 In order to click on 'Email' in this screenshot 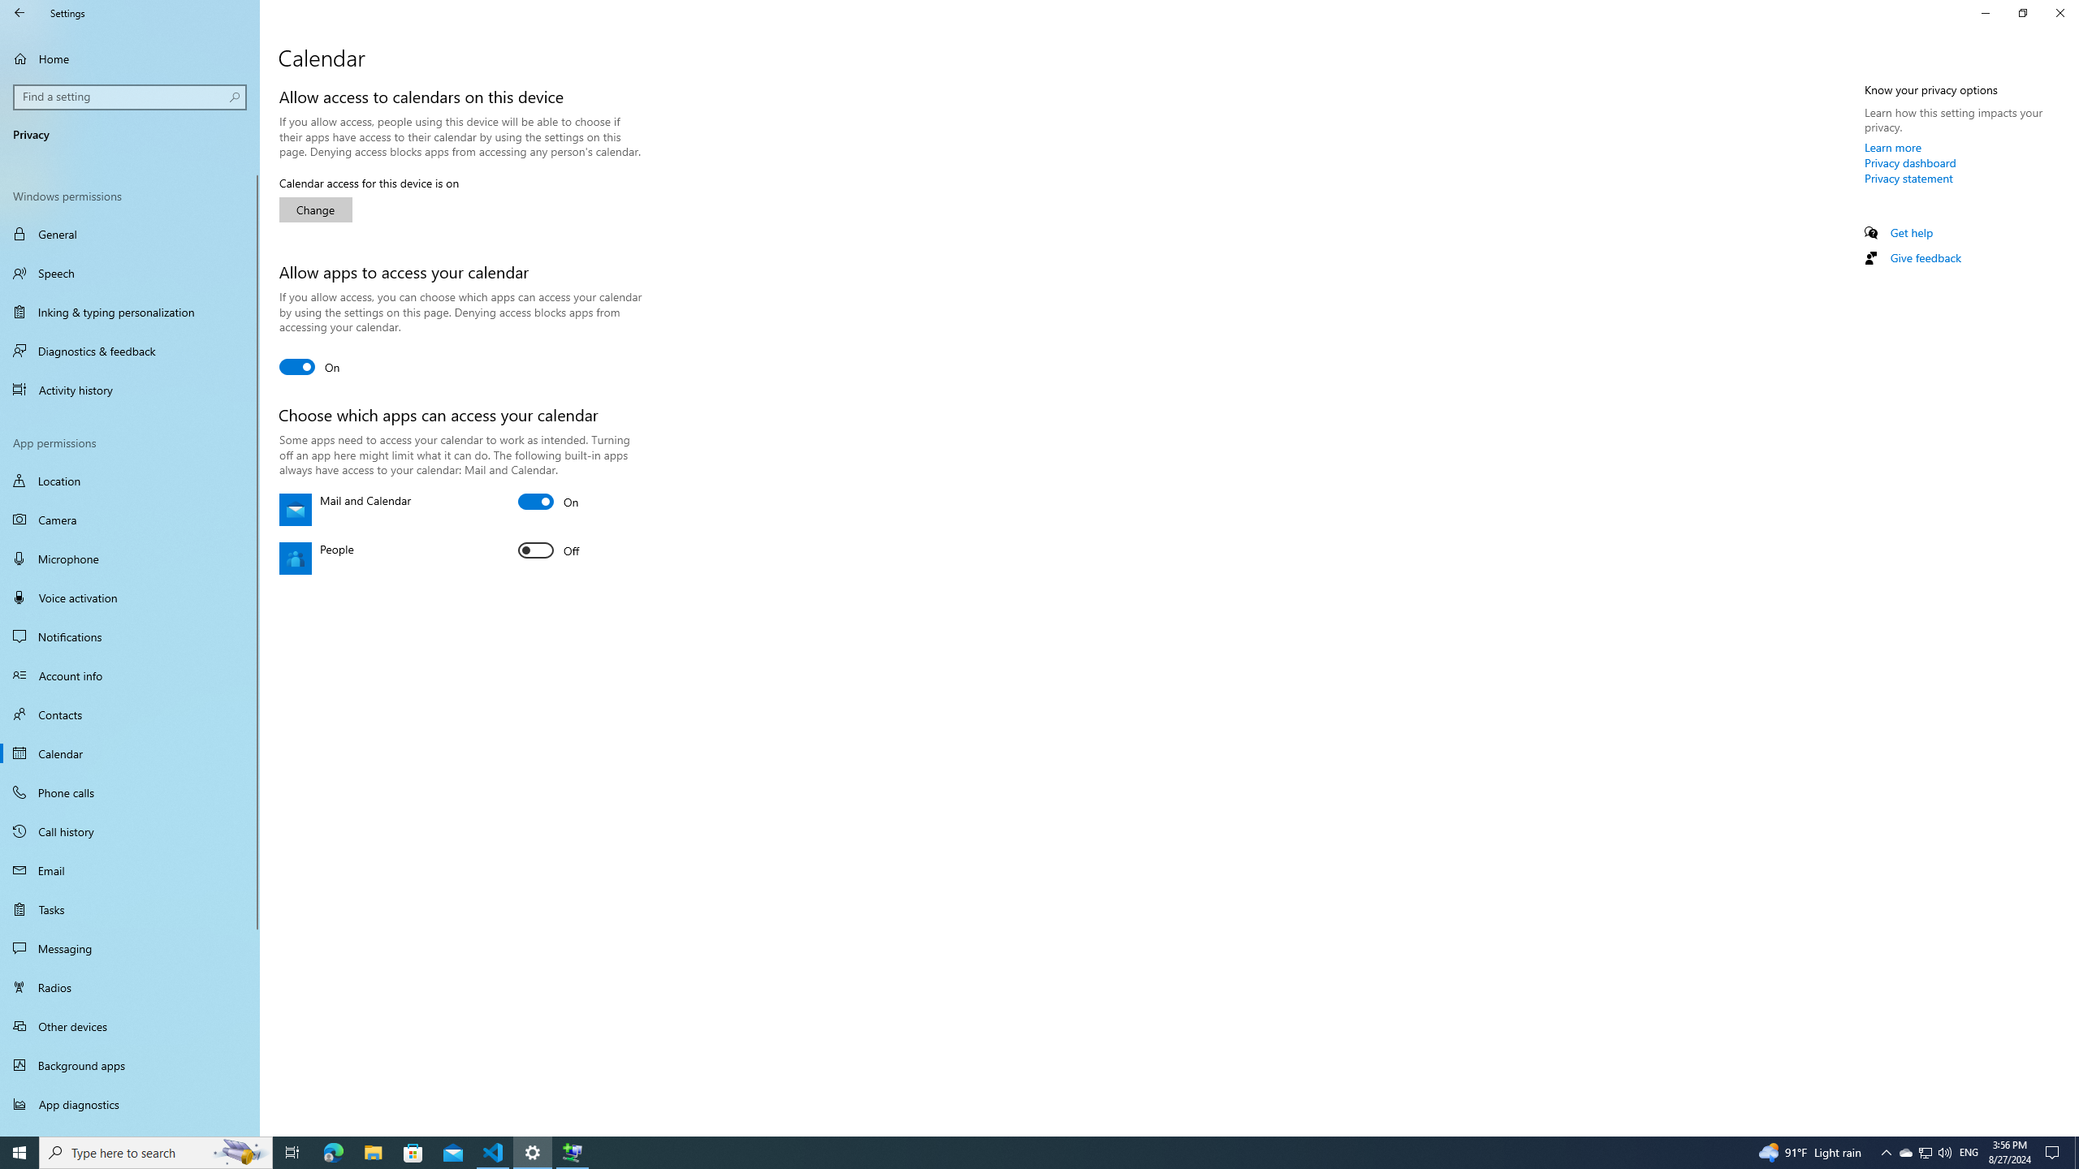, I will do `click(129, 870)`.